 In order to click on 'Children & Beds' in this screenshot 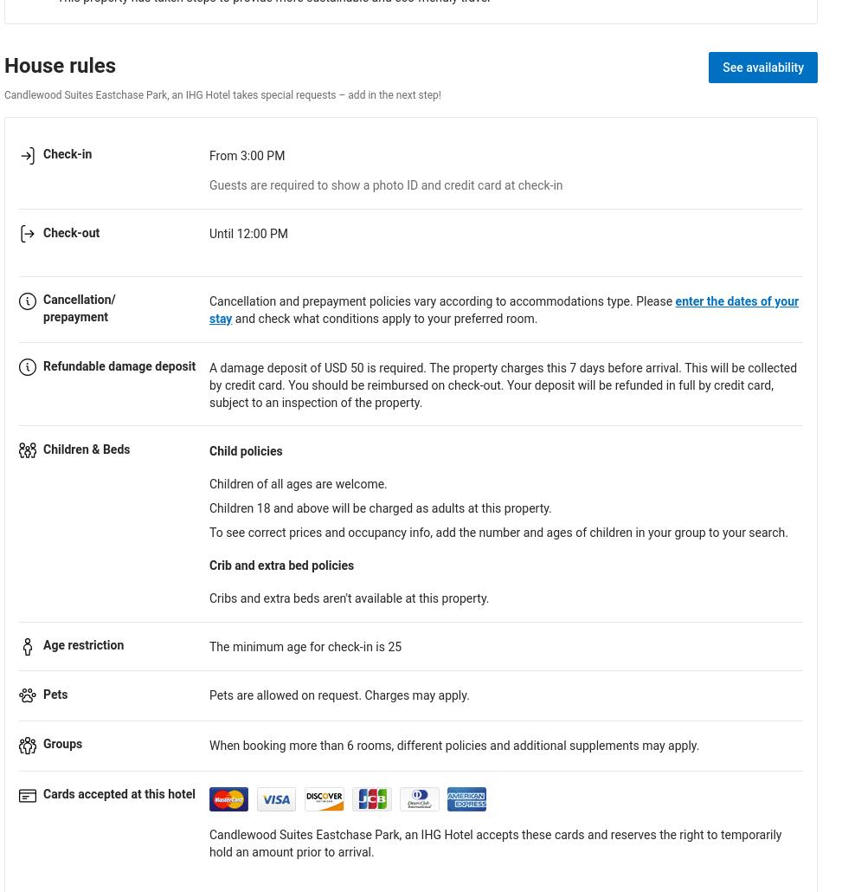, I will do `click(86, 449)`.